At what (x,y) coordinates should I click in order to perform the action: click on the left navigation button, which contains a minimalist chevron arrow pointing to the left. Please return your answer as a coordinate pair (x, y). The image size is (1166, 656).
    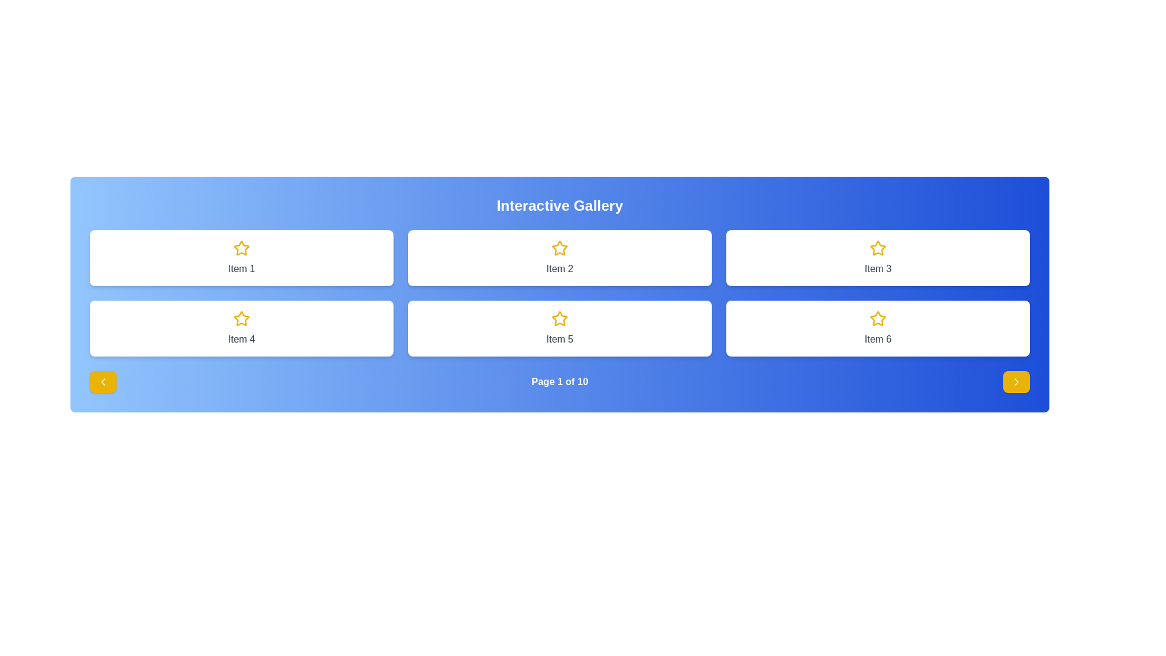
    Looking at the image, I should click on (103, 381).